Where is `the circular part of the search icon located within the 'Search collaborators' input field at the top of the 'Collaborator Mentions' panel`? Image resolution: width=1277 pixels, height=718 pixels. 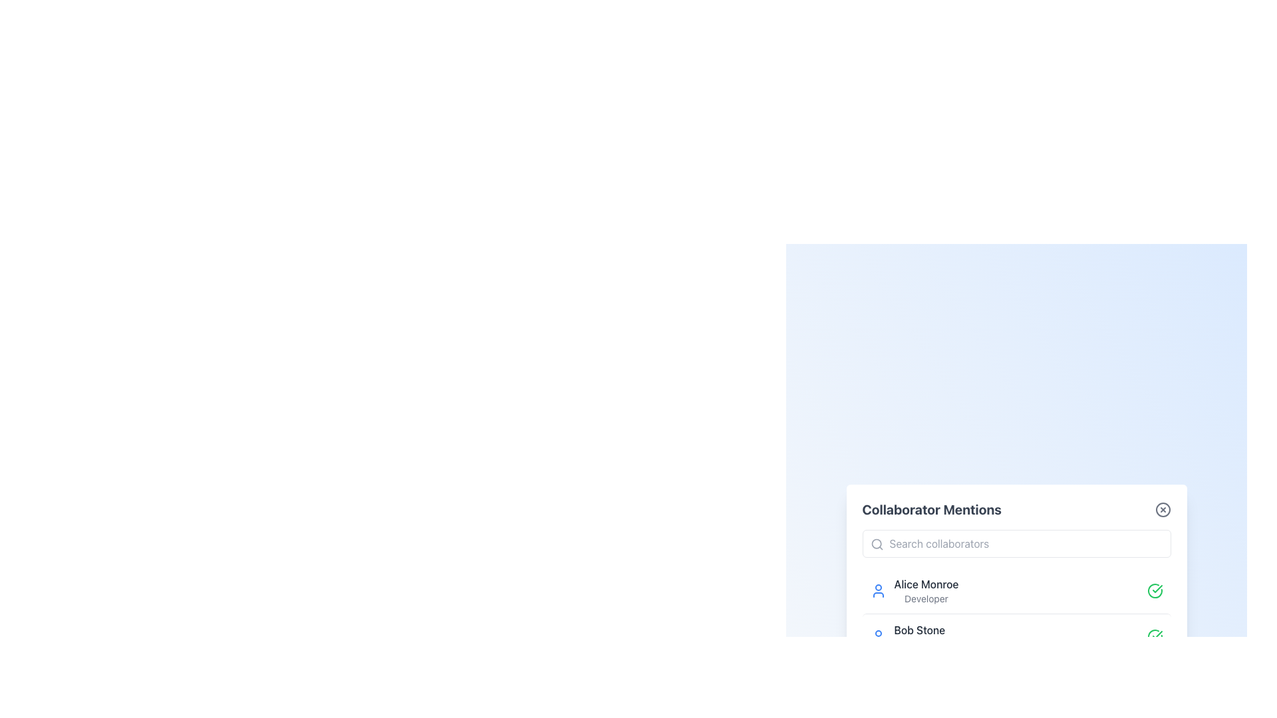 the circular part of the search icon located within the 'Search collaborators' input field at the top of the 'Collaborator Mentions' panel is located at coordinates (876, 544).